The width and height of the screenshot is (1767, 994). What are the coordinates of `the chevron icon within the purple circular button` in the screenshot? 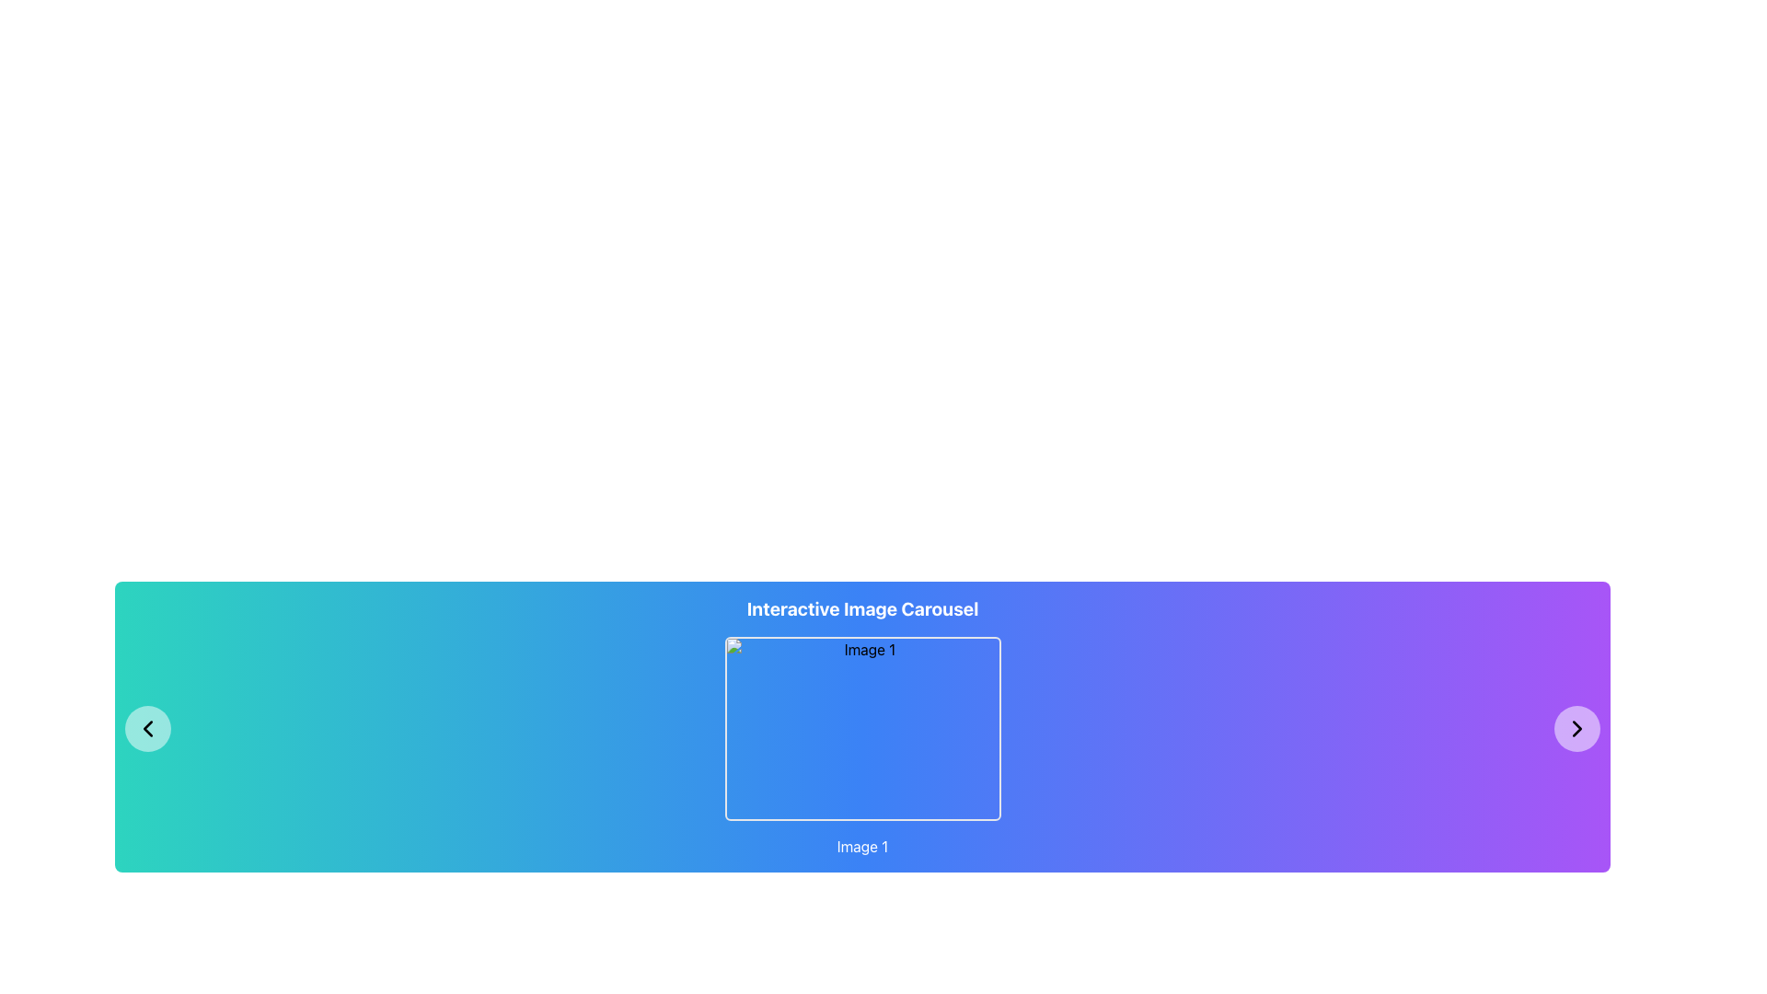 It's located at (1576, 727).